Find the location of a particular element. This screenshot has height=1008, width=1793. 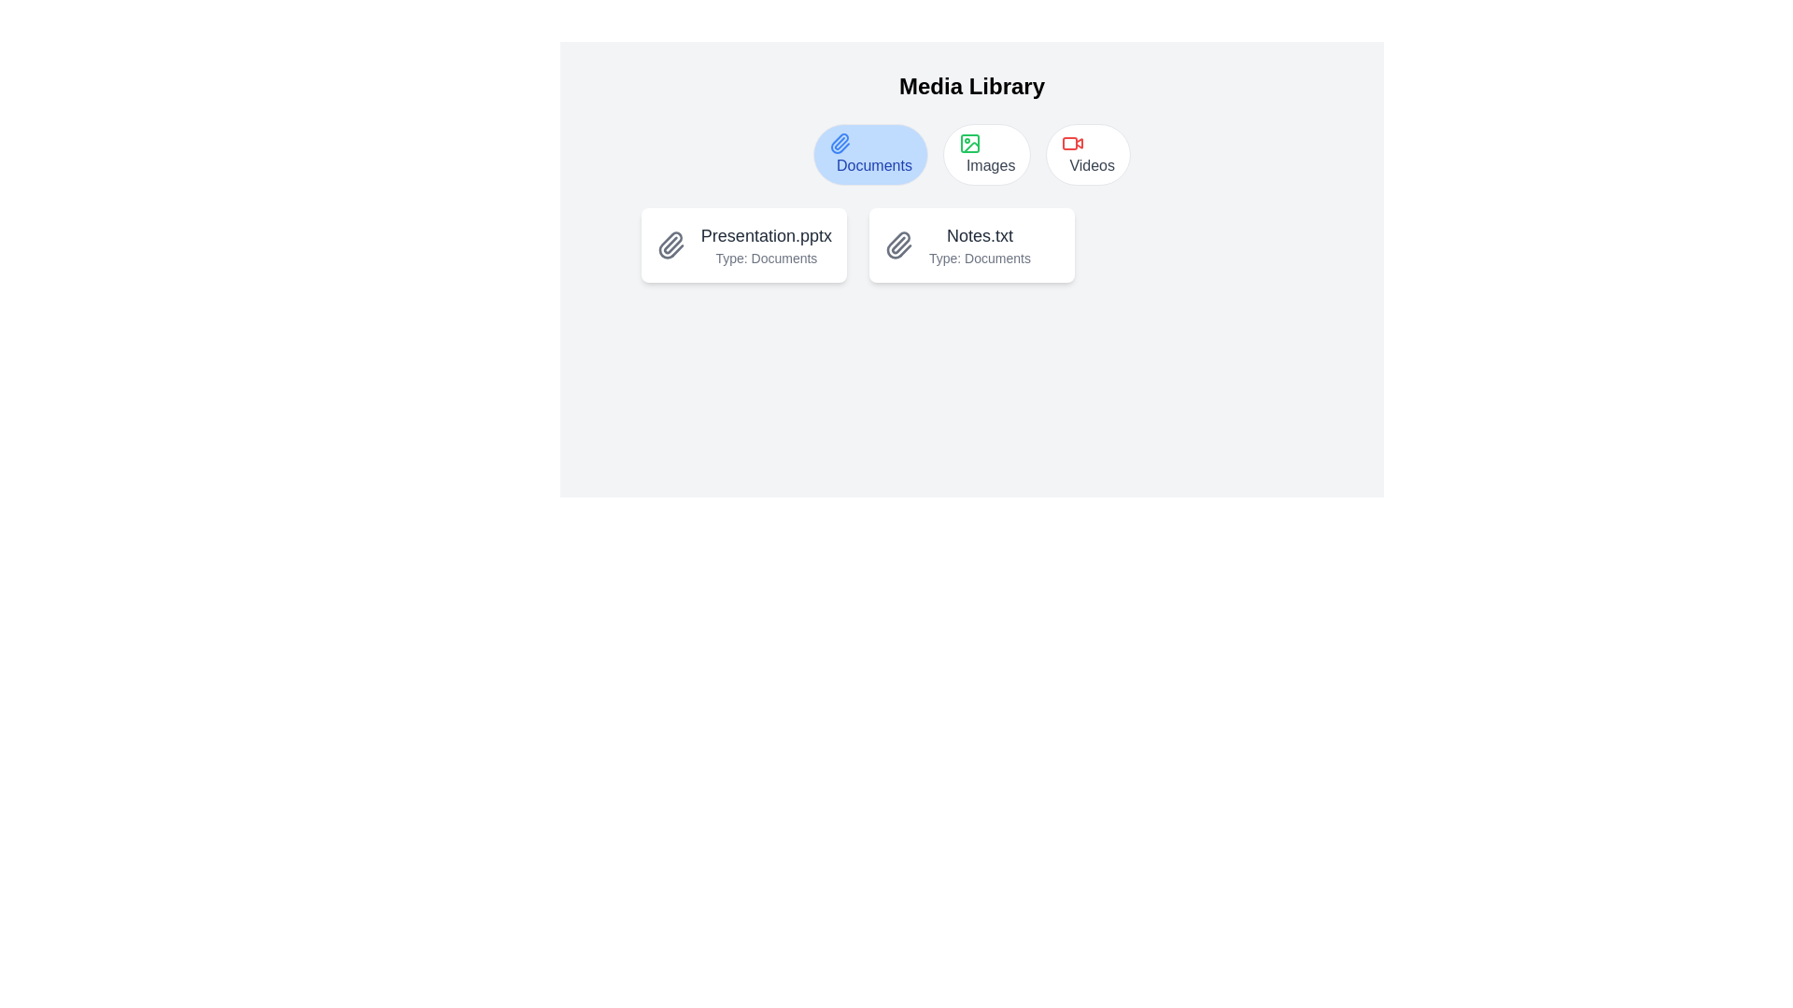

the second button in the horizontal group of navigation options is located at coordinates (986, 153).